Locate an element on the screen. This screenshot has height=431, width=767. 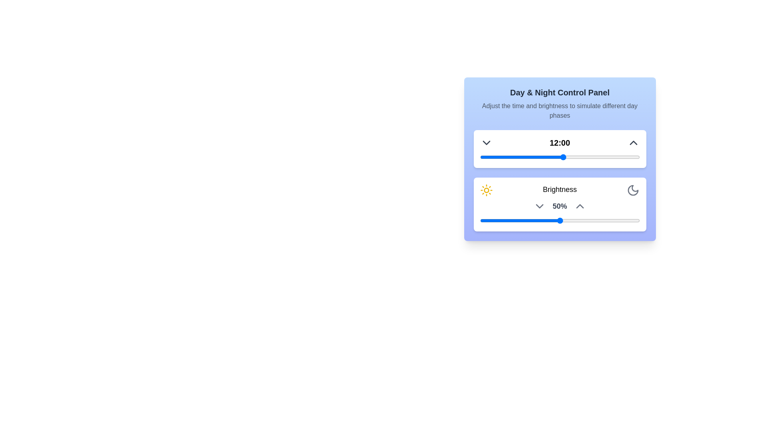
the time is located at coordinates (605, 157).